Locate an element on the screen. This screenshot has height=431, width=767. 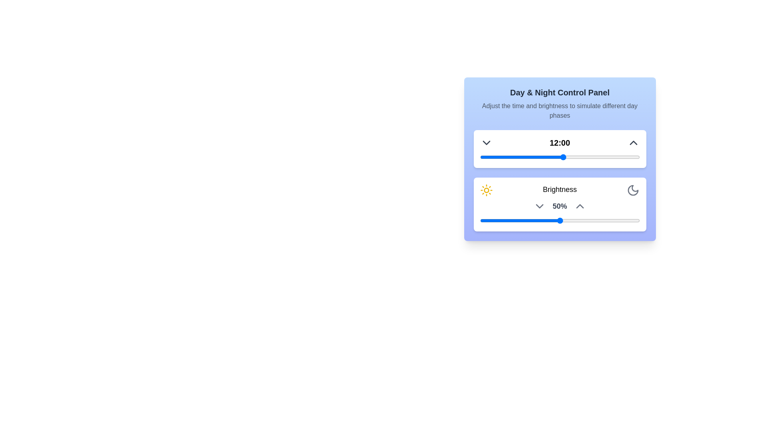
the time is located at coordinates (605, 157).